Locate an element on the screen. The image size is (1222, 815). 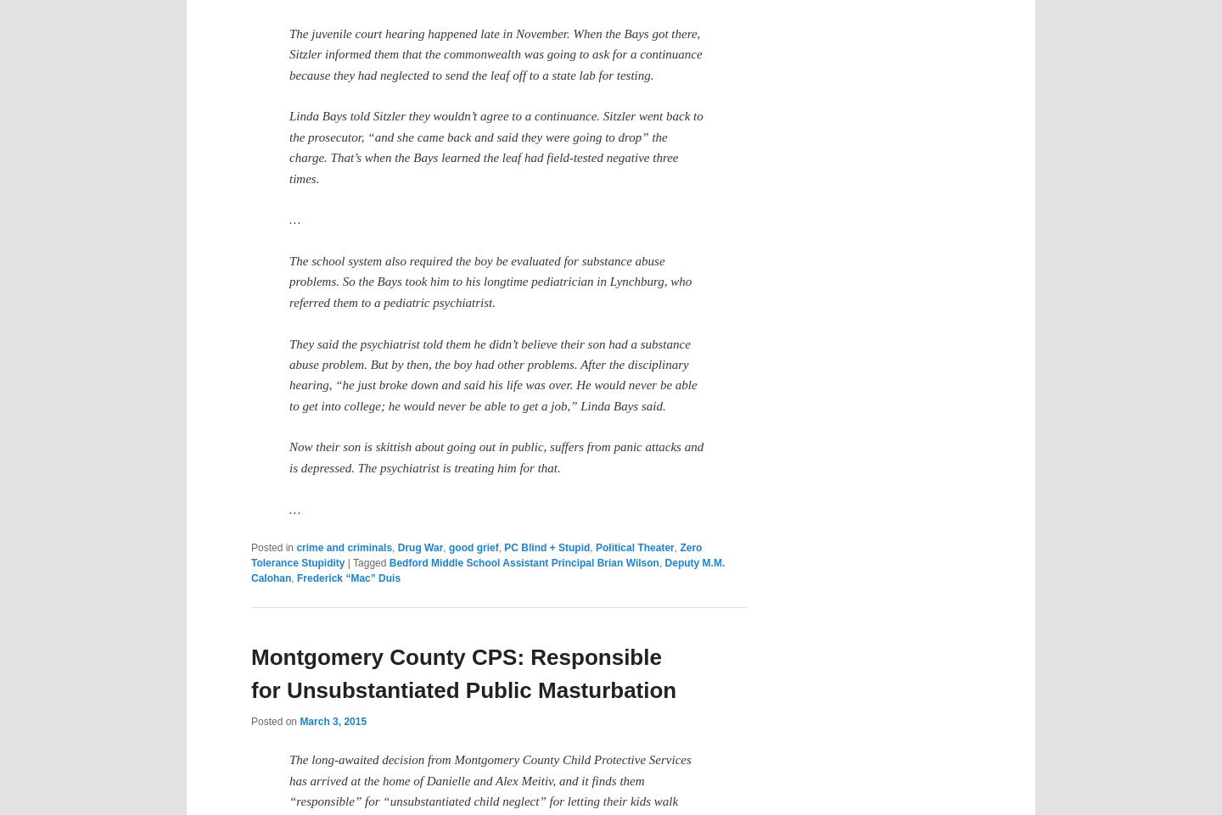
'March 3, 2015' is located at coordinates (332, 721).